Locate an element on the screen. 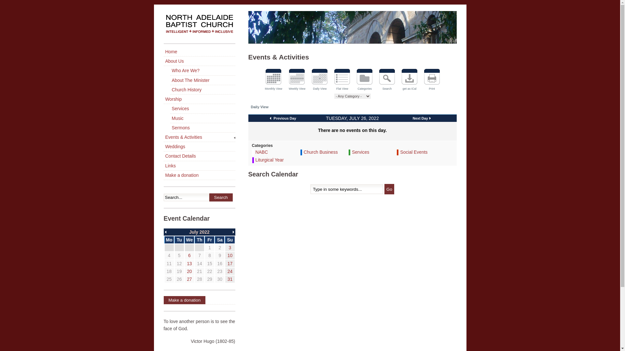  'Make a donation' is located at coordinates (184, 300).